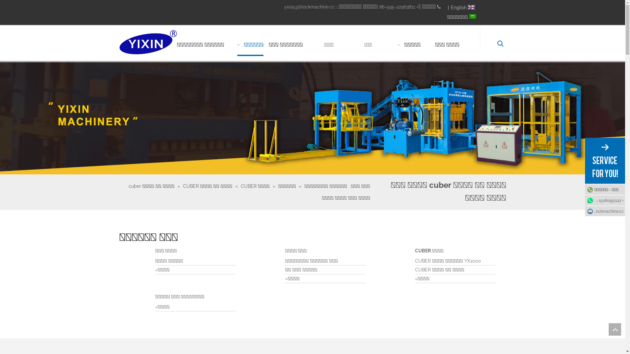  What do you see at coordinates (463, 8) in the screenshot?
I see `'English'` at bounding box center [463, 8].